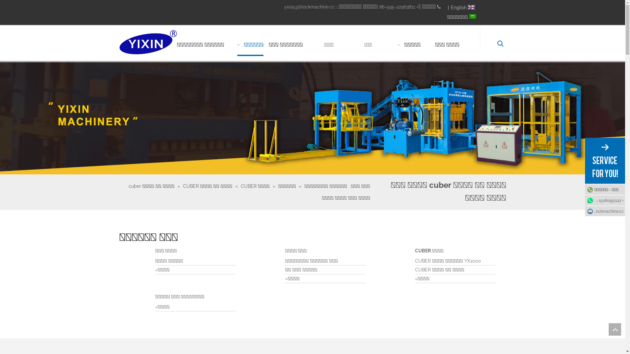  What do you see at coordinates (463, 8) in the screenshot?
I see `'English'` at bounding box center [463, 8].